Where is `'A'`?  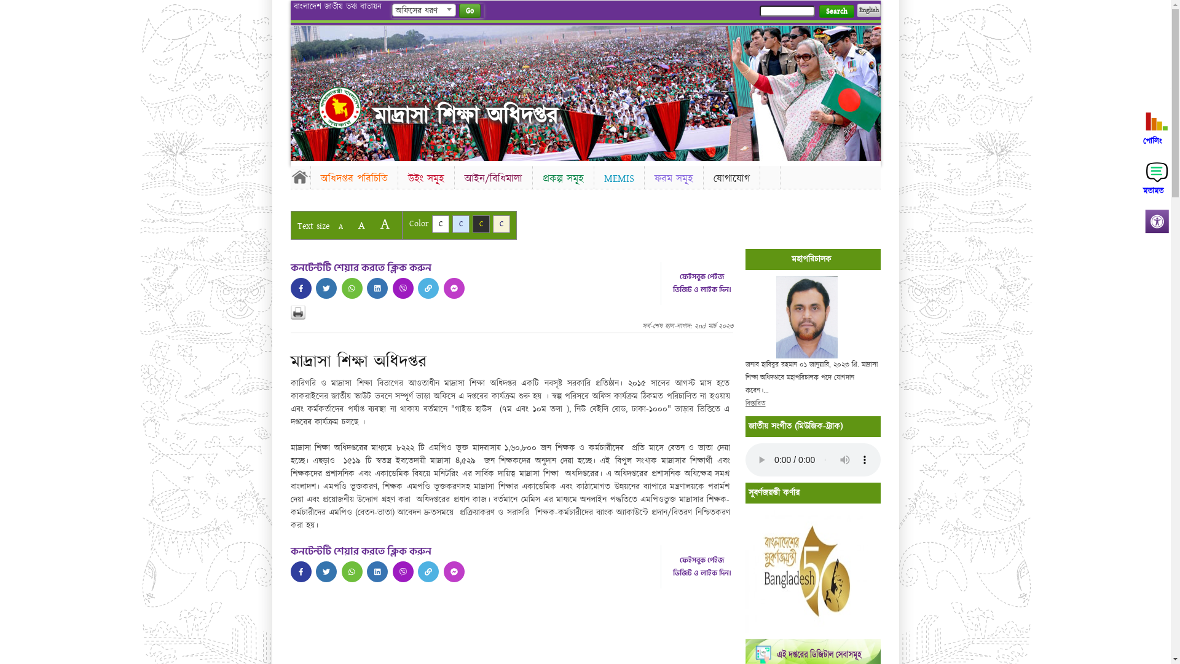
'A' is located at coordinates (360, 225).